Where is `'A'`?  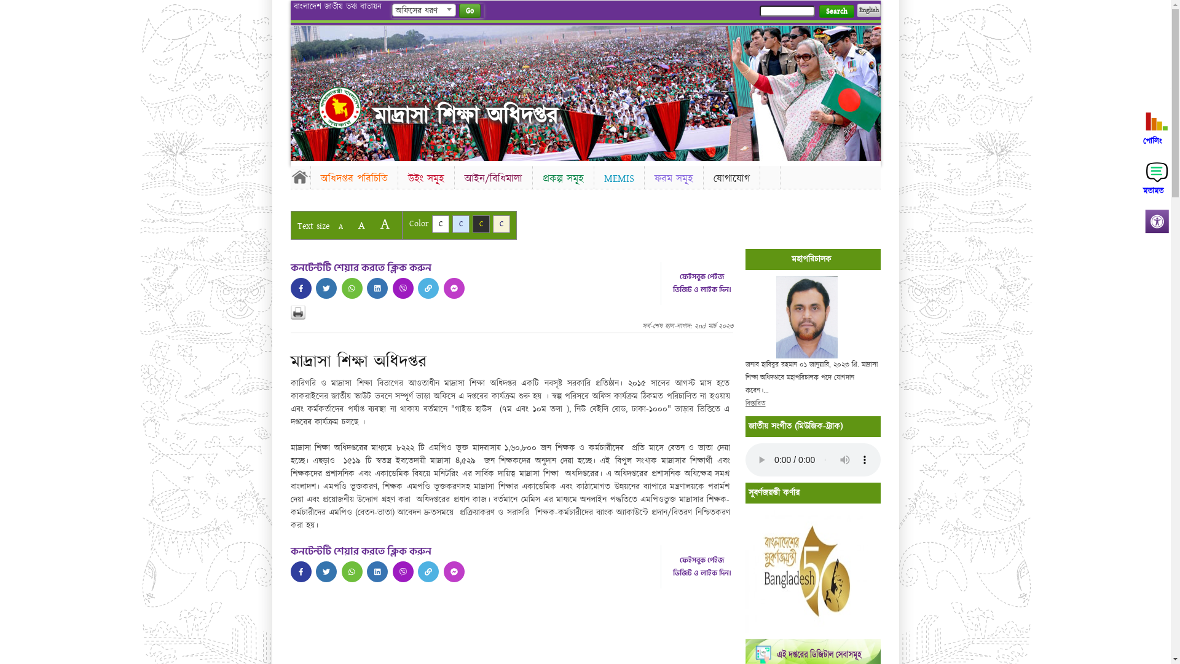
'A' is located at coordinates (360, 225).